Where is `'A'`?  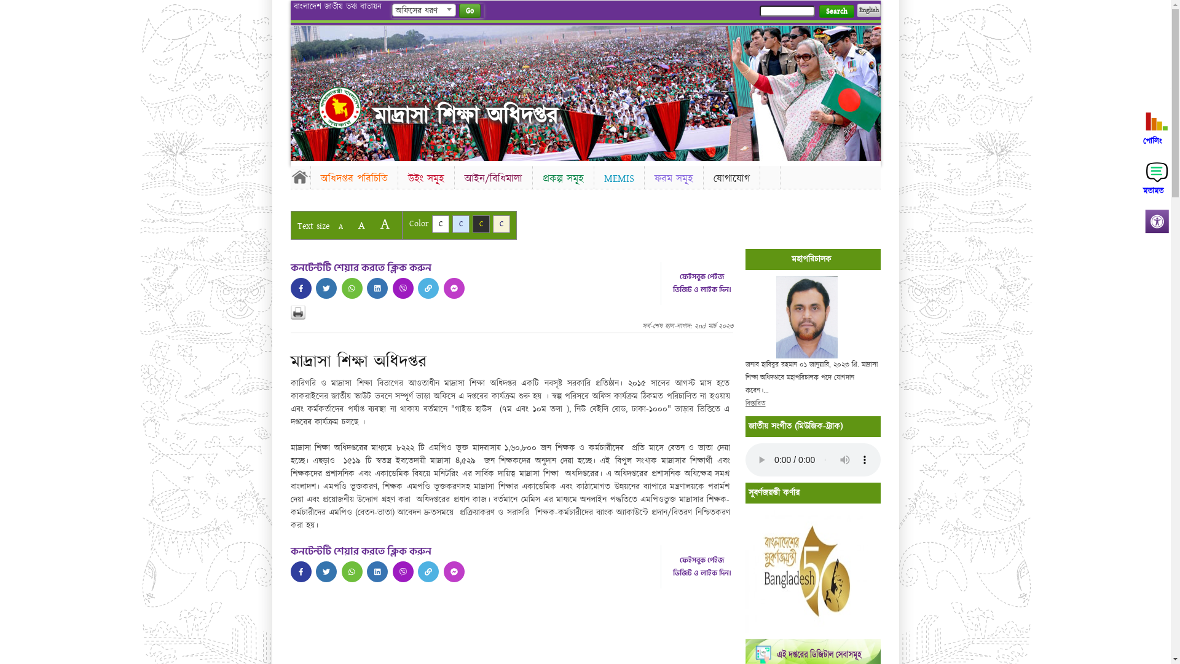
'A' is located at coordinates (360, 225).